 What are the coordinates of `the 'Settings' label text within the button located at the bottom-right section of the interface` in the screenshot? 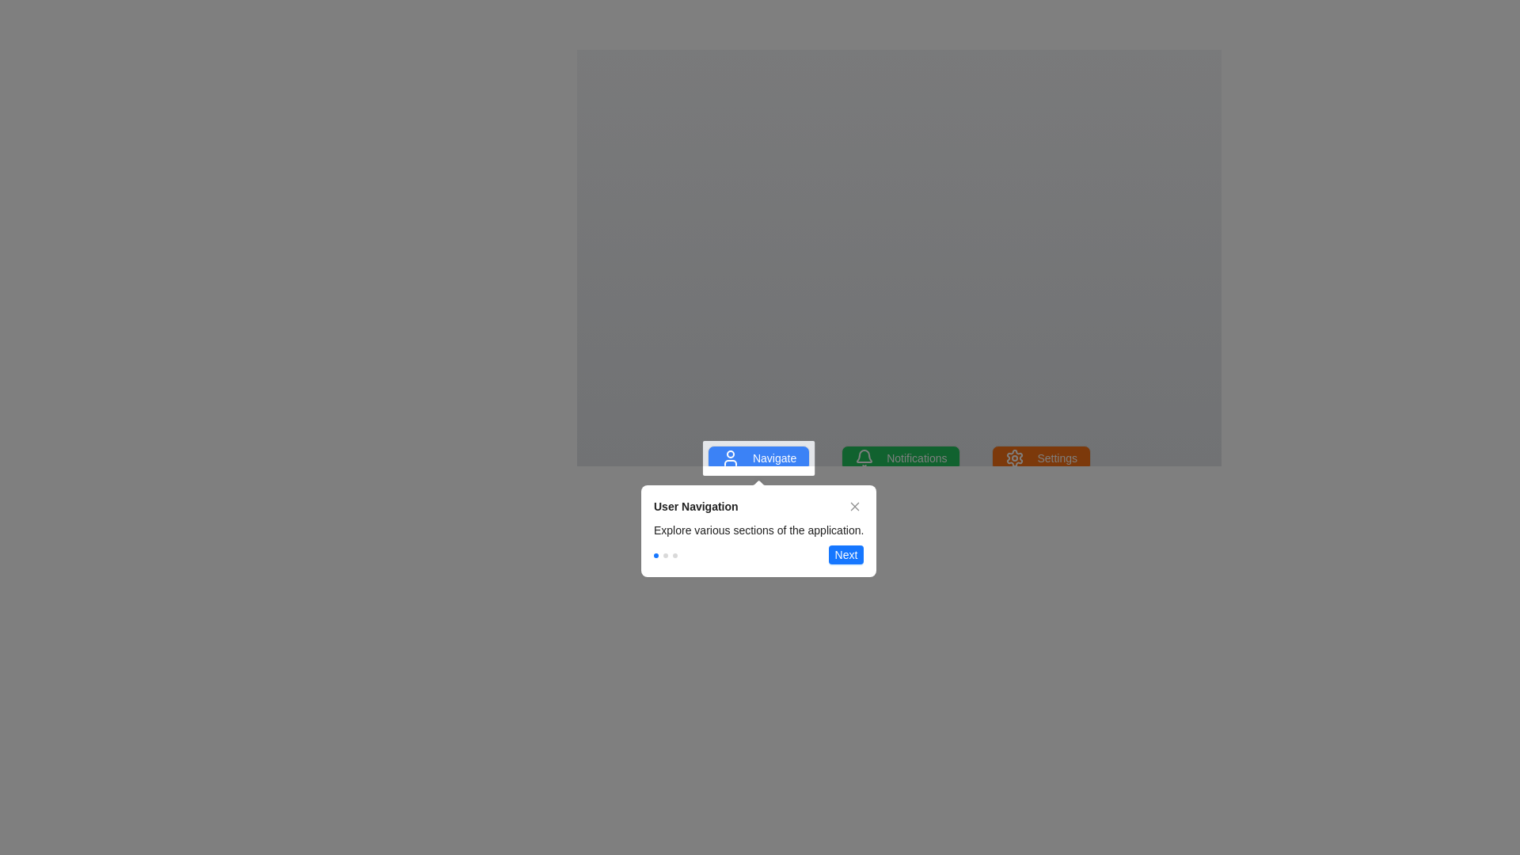 It's located at (1056, 458).